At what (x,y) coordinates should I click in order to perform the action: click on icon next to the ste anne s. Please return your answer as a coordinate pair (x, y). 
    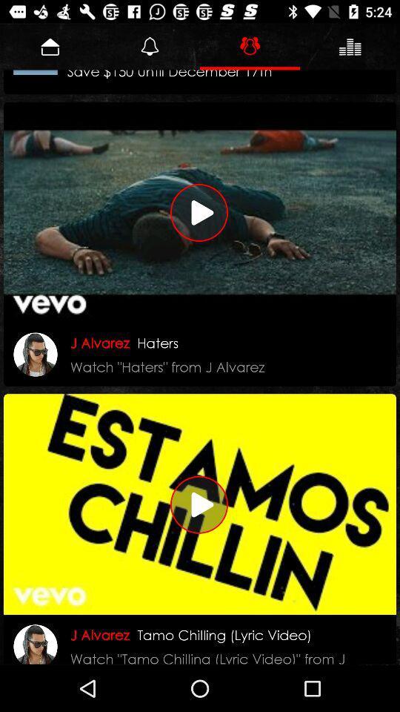
    Looking at the image, I should click on (36, 72).